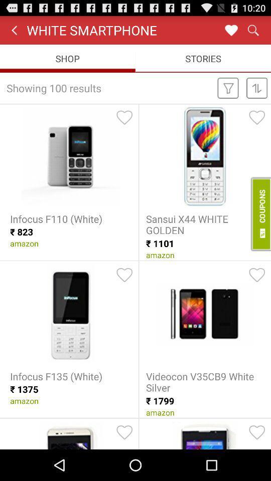  What do you see at coordinates (231, 32) in the screenshot?
I see `the favorite icon` at bounding box center [231, 32].